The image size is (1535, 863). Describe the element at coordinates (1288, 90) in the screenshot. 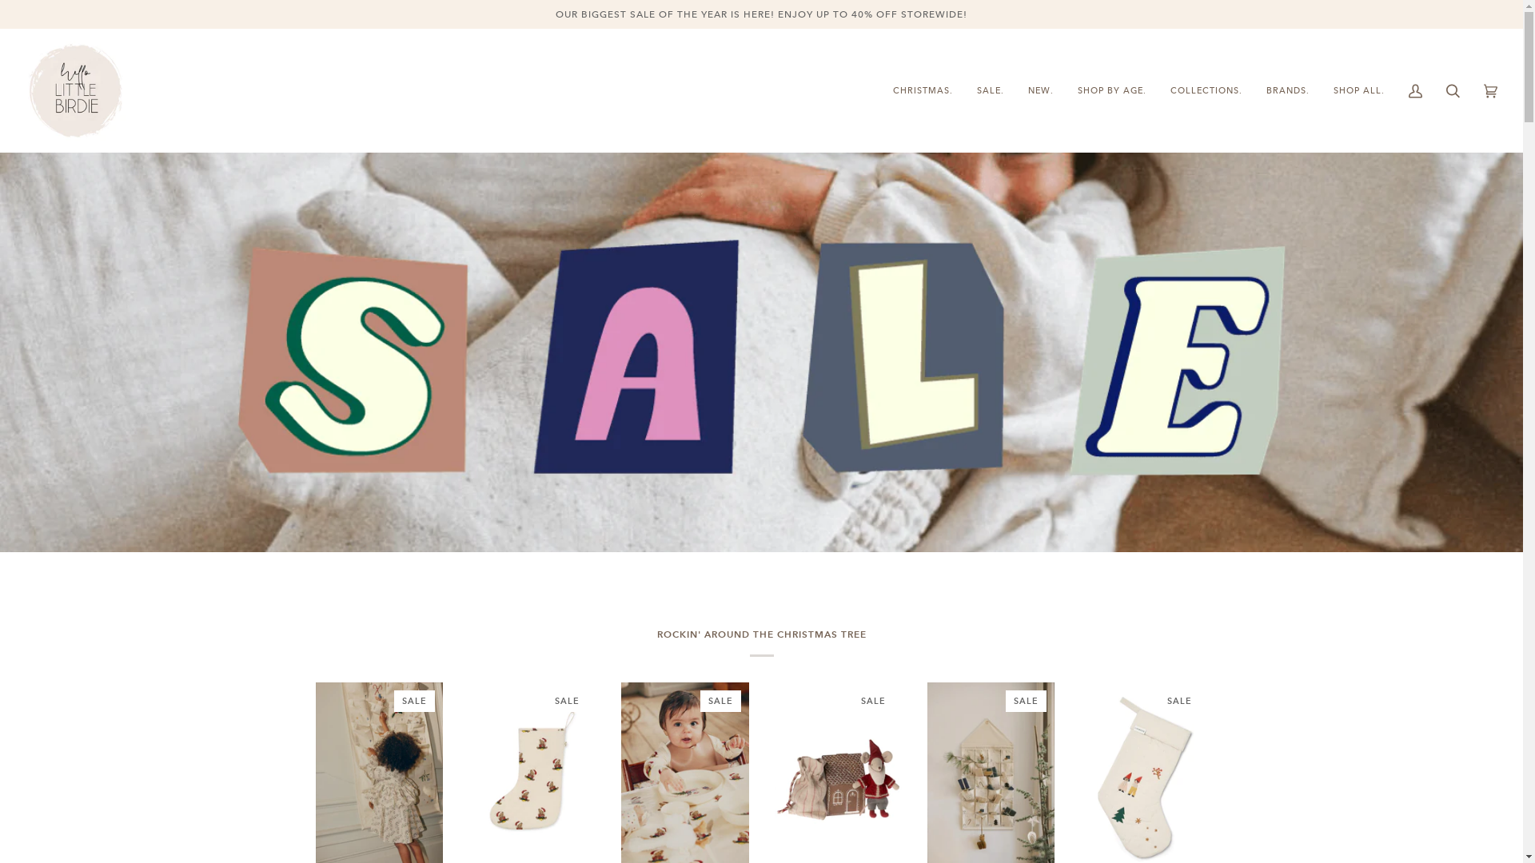

I see `'BRANDS.'` at that location.